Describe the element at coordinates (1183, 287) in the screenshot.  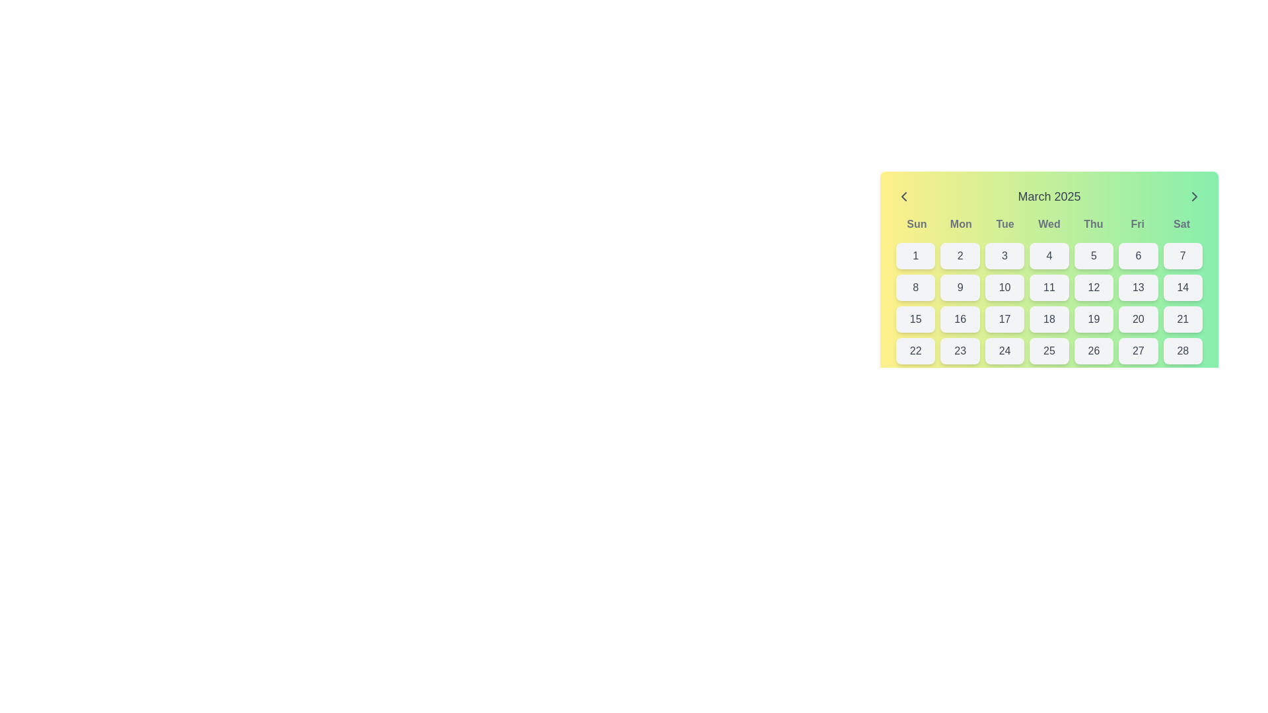
I see `the button representing the 14th day of March 2025 in the calendar widget` at that location.